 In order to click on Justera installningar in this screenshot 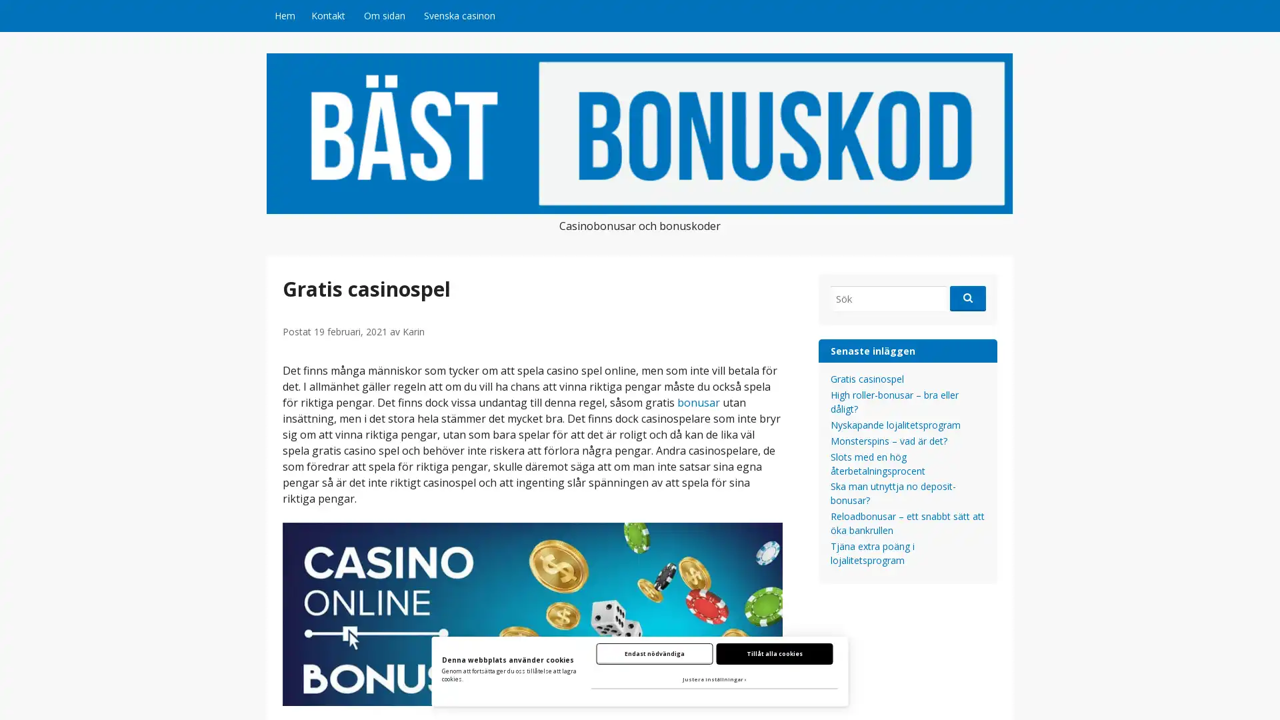, I will do `click(713, 679)`.